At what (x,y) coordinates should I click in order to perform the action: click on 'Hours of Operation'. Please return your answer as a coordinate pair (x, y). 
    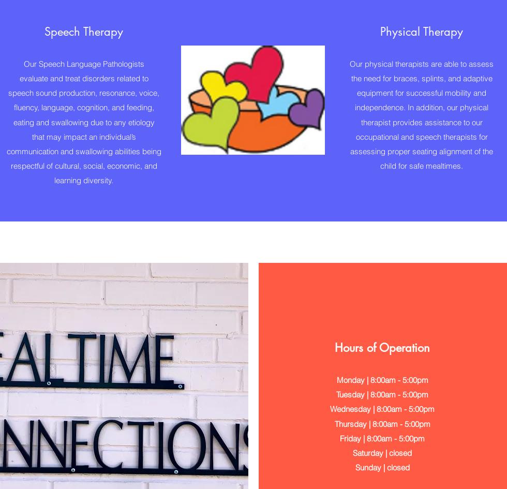
    Looking at the image, I should click on (382, 347).